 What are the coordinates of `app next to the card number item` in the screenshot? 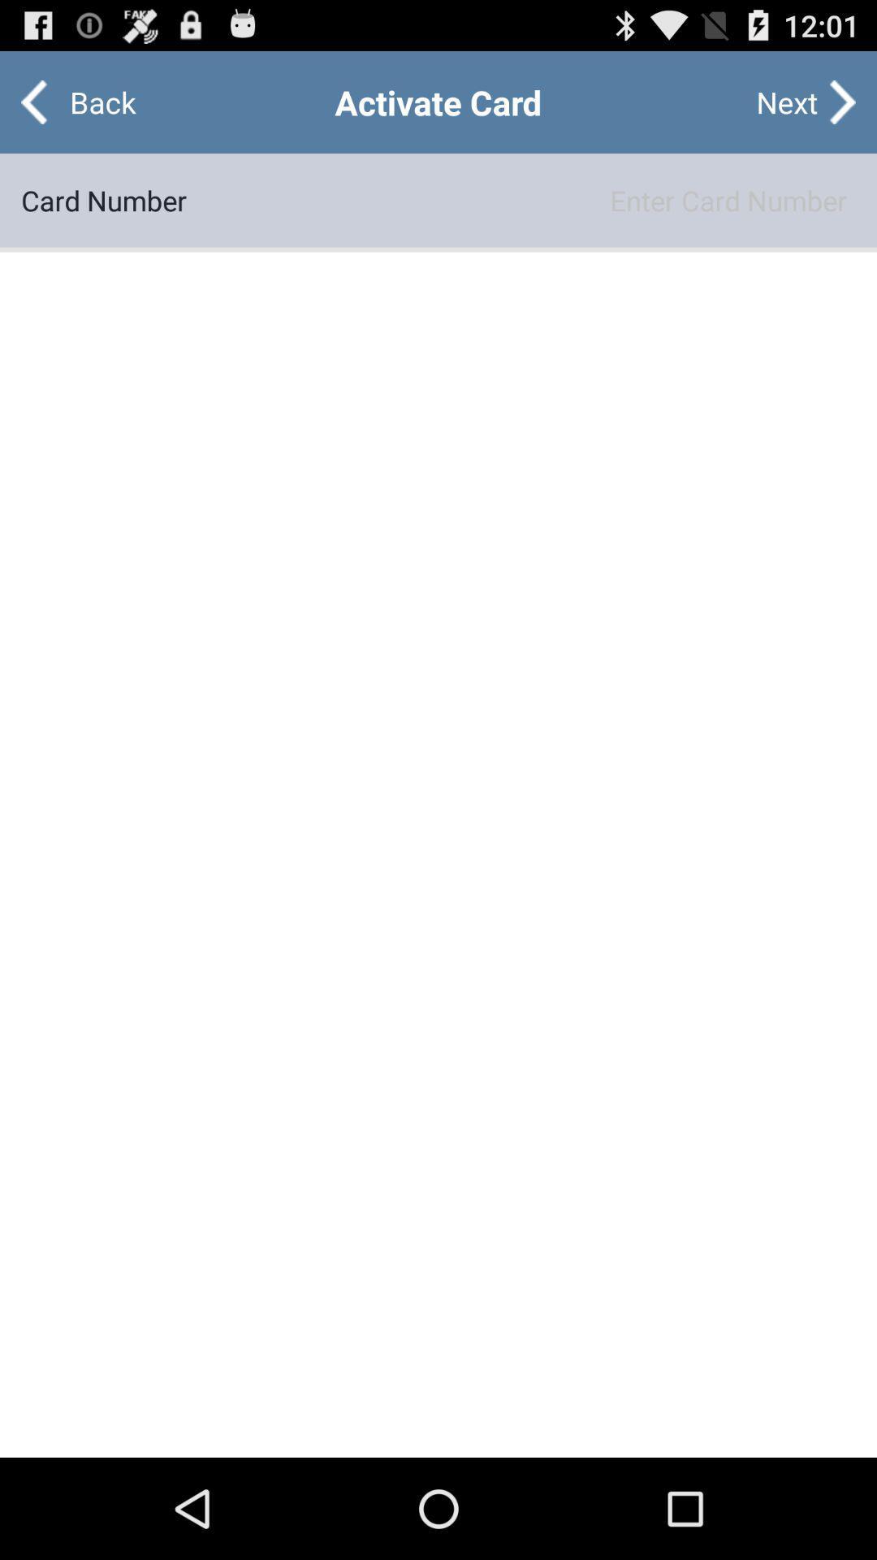 It's located at (521, 199).